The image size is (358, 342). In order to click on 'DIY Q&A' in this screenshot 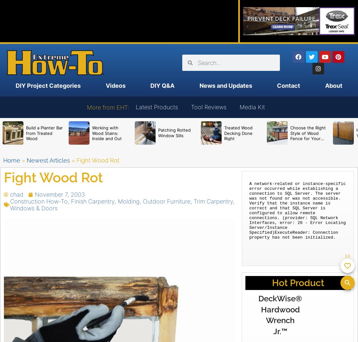, I will do `click(162, 85)`.